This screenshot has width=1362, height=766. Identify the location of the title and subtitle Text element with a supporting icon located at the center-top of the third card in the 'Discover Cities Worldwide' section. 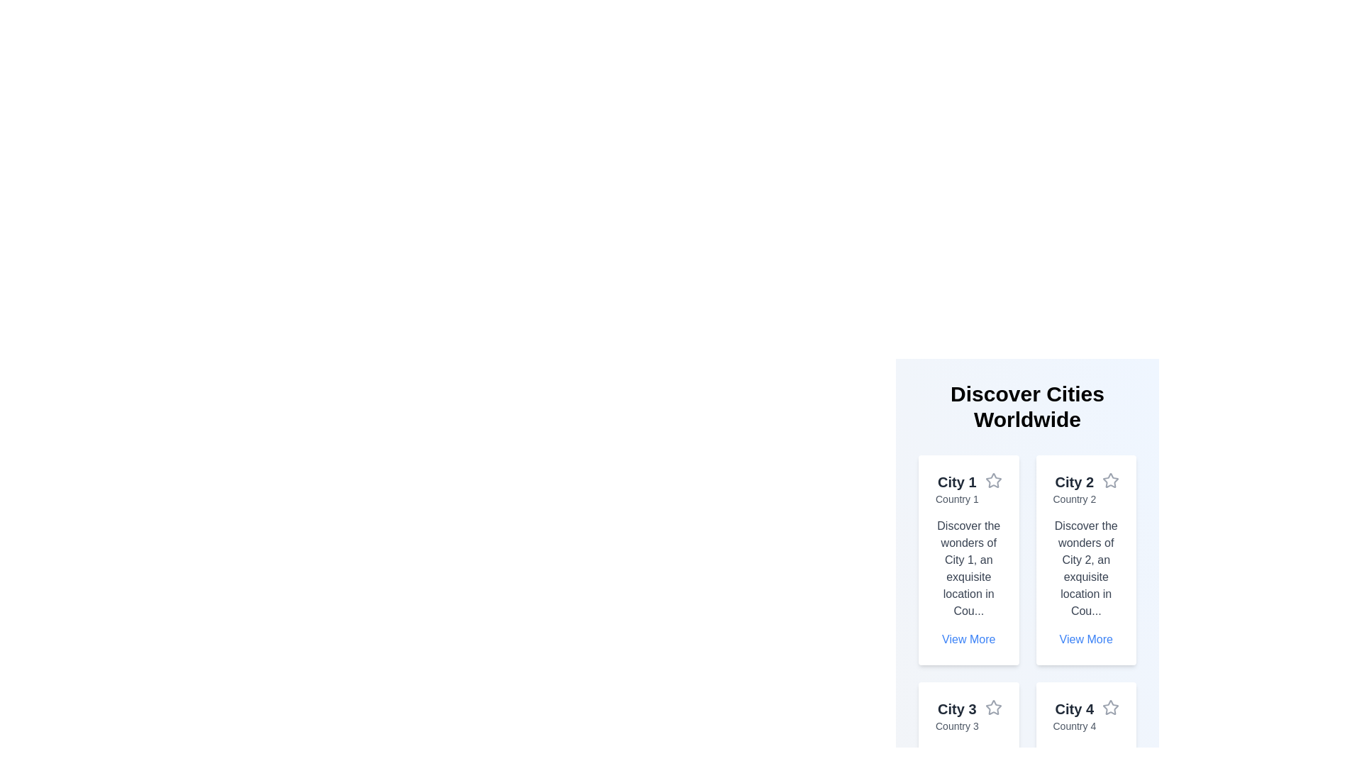
(968, 716).